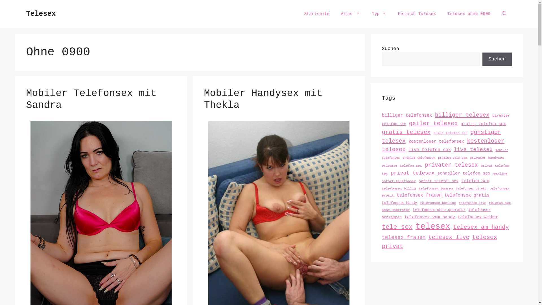 Image resolution: width=542 pixels, height=305 pixels. I want to click on 'Mobiler Telefonsex mit Sandra', so click(91, 99).